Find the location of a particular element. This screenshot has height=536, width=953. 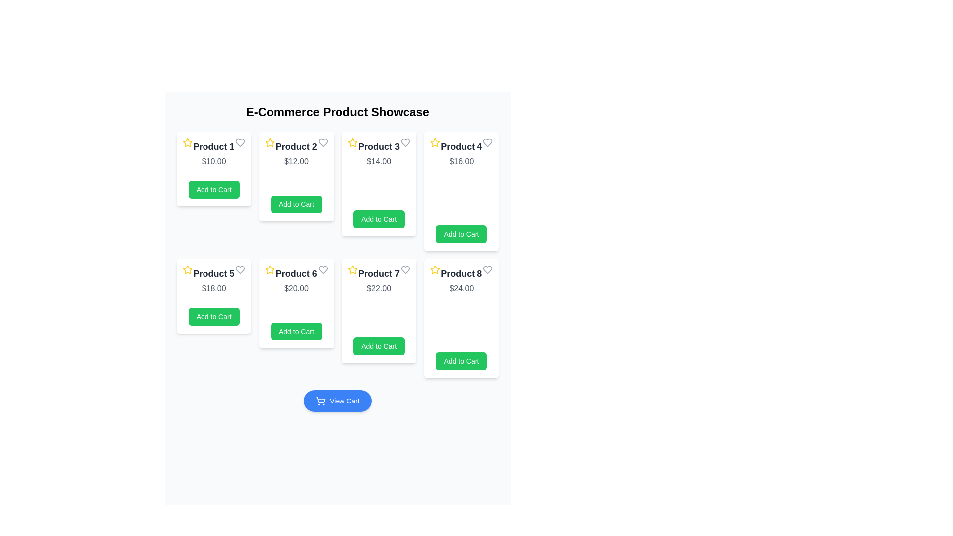

the 'Add to Cart' button for 'Product 8' located at the bottom-right corner of the product list for keyboard interaction is located at coordinates (461, 361).